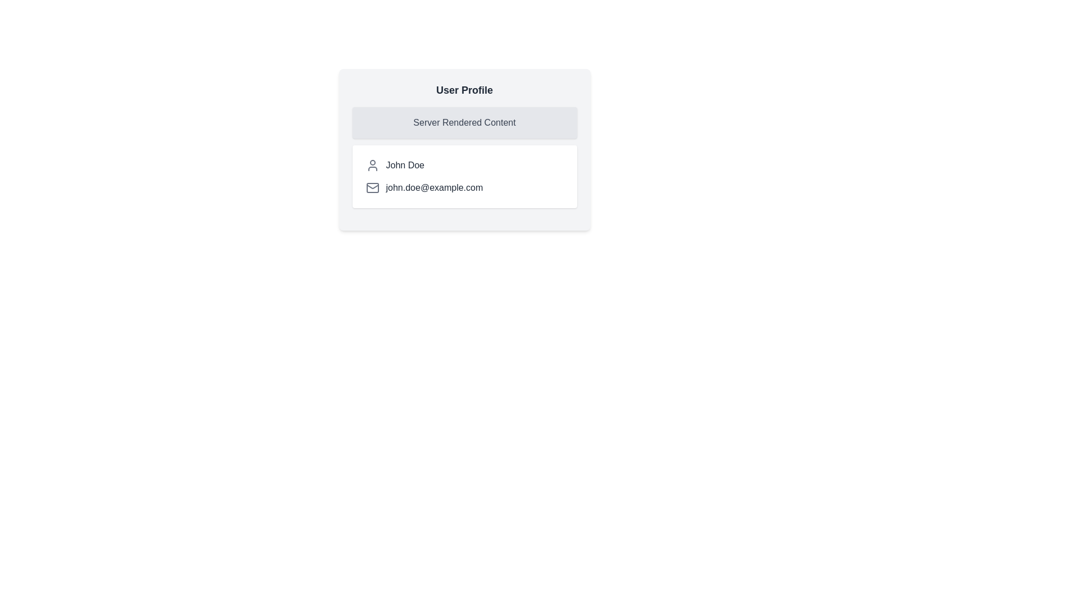 The image size is (1078, 606). Describe the element at coordinates (372, 187) in the screenshot. I see `the envelope icon representing the email address in the user profile card located to the left of 'john.doe@example.com'` at that location.